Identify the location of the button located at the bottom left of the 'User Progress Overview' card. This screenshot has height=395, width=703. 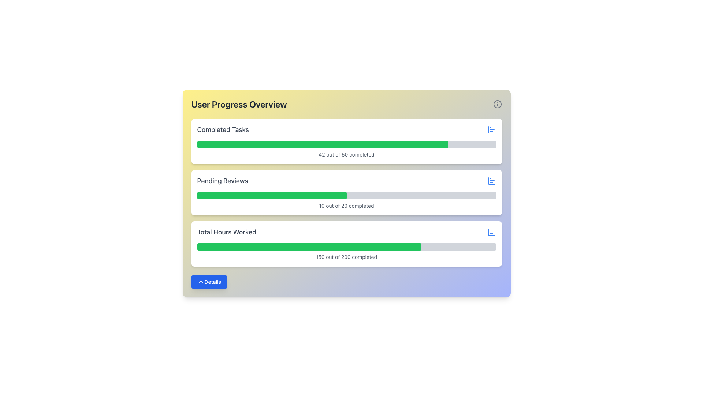
(209, 282).